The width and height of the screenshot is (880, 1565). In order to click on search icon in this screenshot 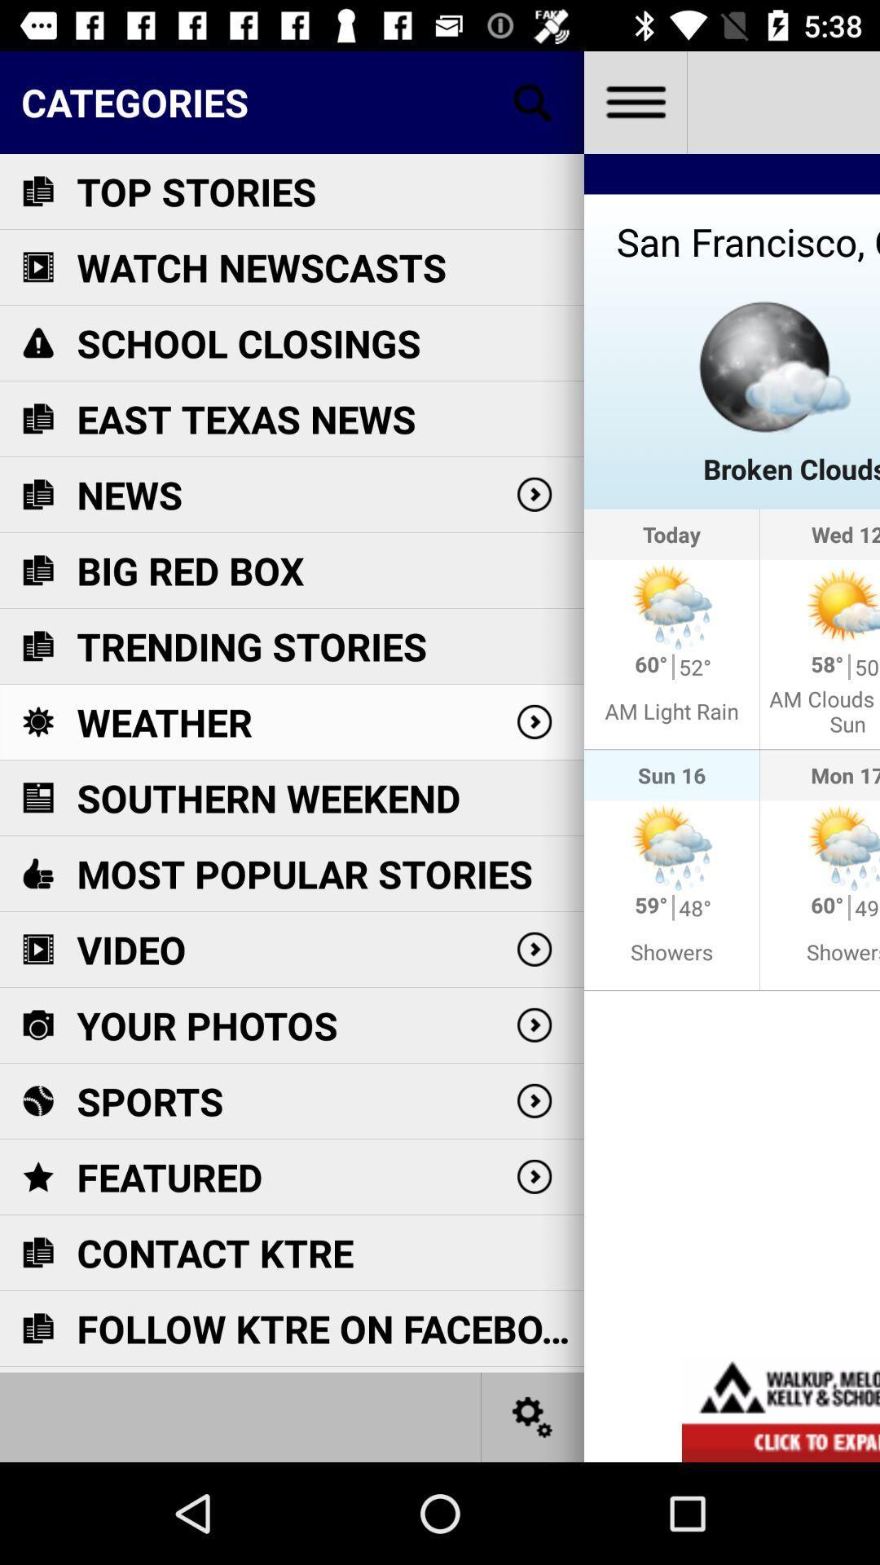, I will do `click(533, 101)`.